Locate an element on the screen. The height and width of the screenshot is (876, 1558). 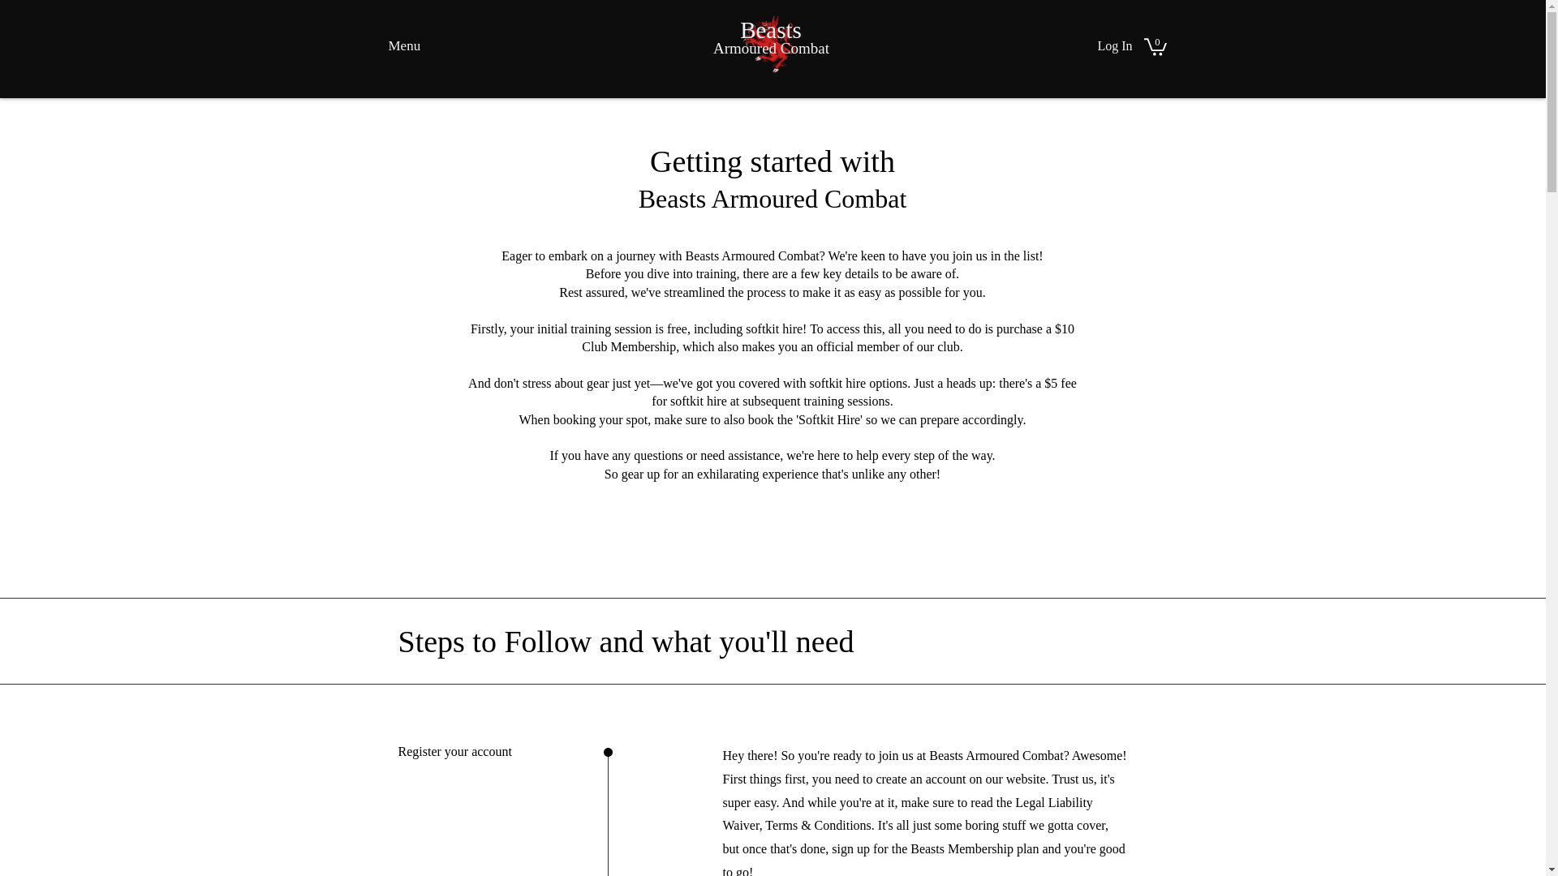
'Armoured Combat' is located at coordinates (770, 47).